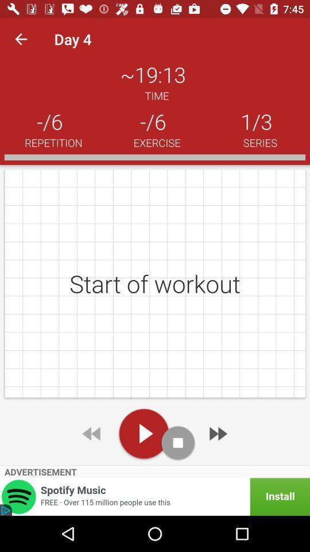  Describe the element at coordinates (217, 433) in the screenshot. I see `fast forward` at that location.